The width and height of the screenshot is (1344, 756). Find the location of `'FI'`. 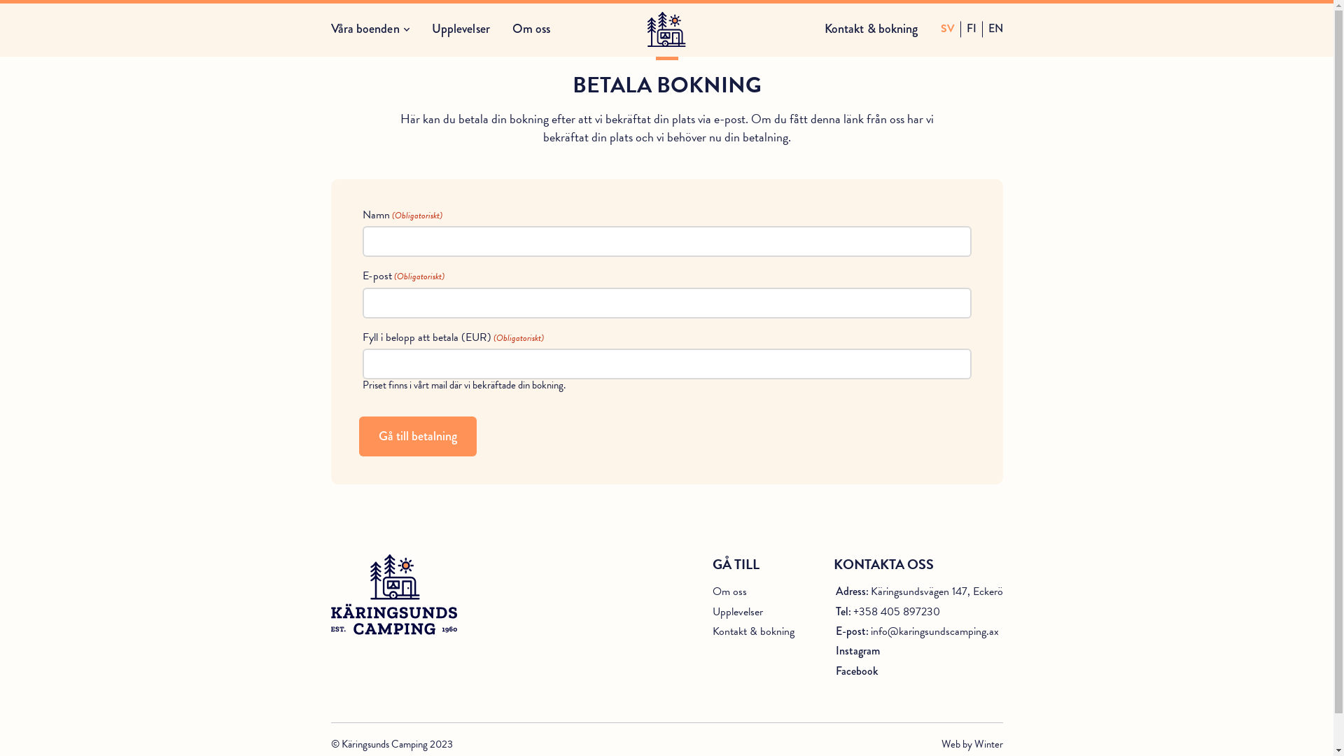

'FI' is located at coordinates (970, 29).